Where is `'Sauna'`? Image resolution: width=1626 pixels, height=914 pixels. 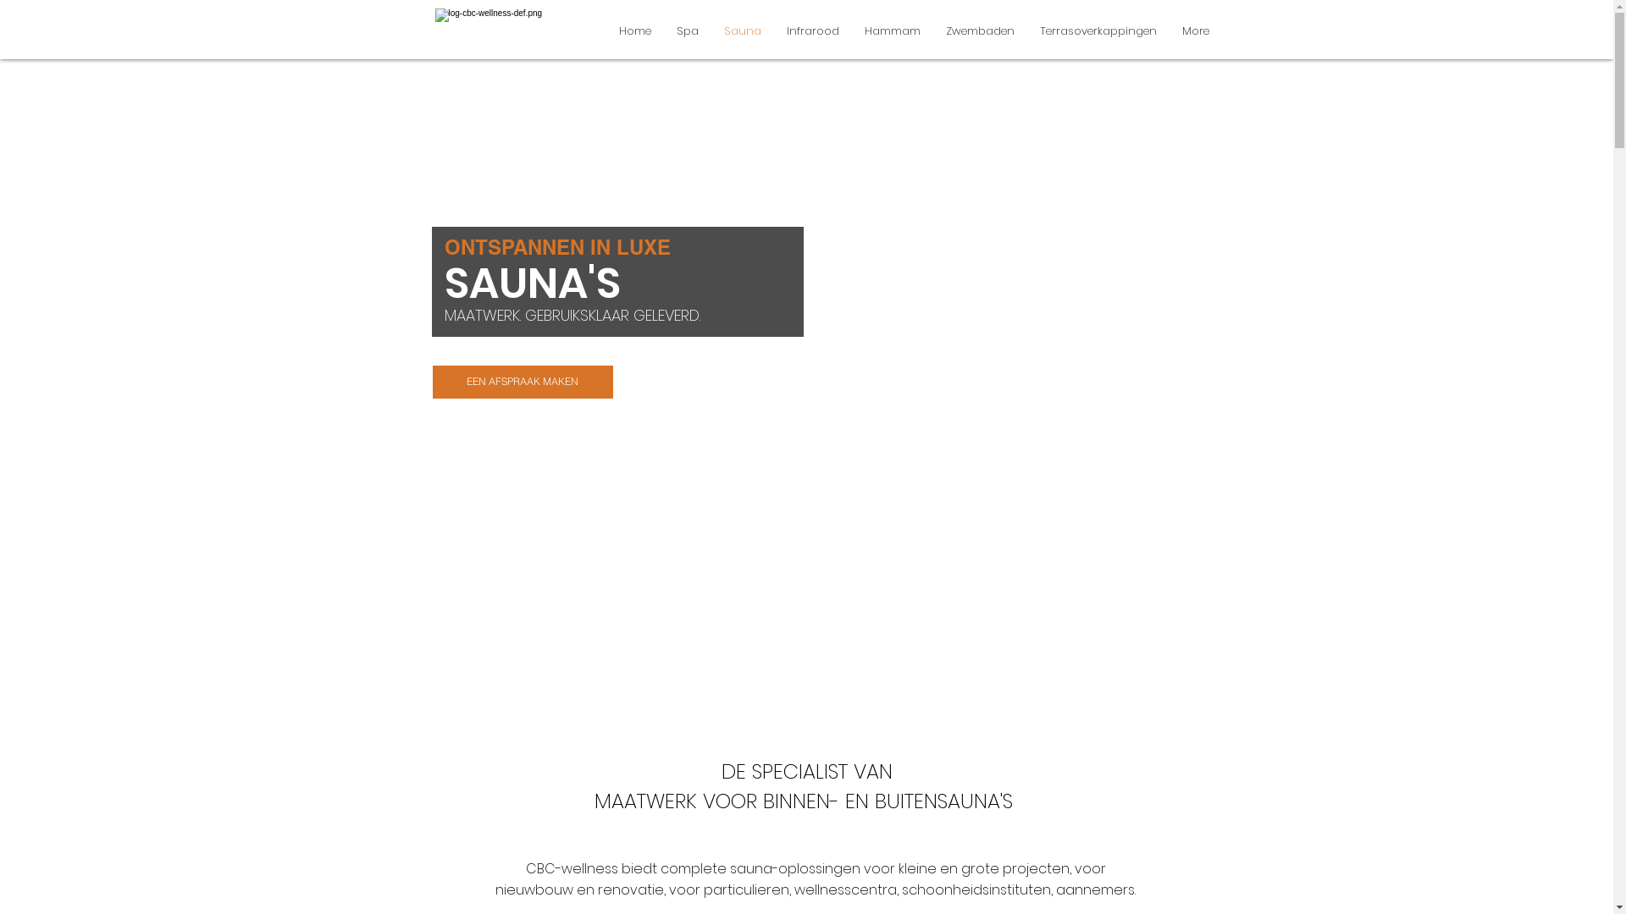
'Sauna' is located at coordinates (743, 30).